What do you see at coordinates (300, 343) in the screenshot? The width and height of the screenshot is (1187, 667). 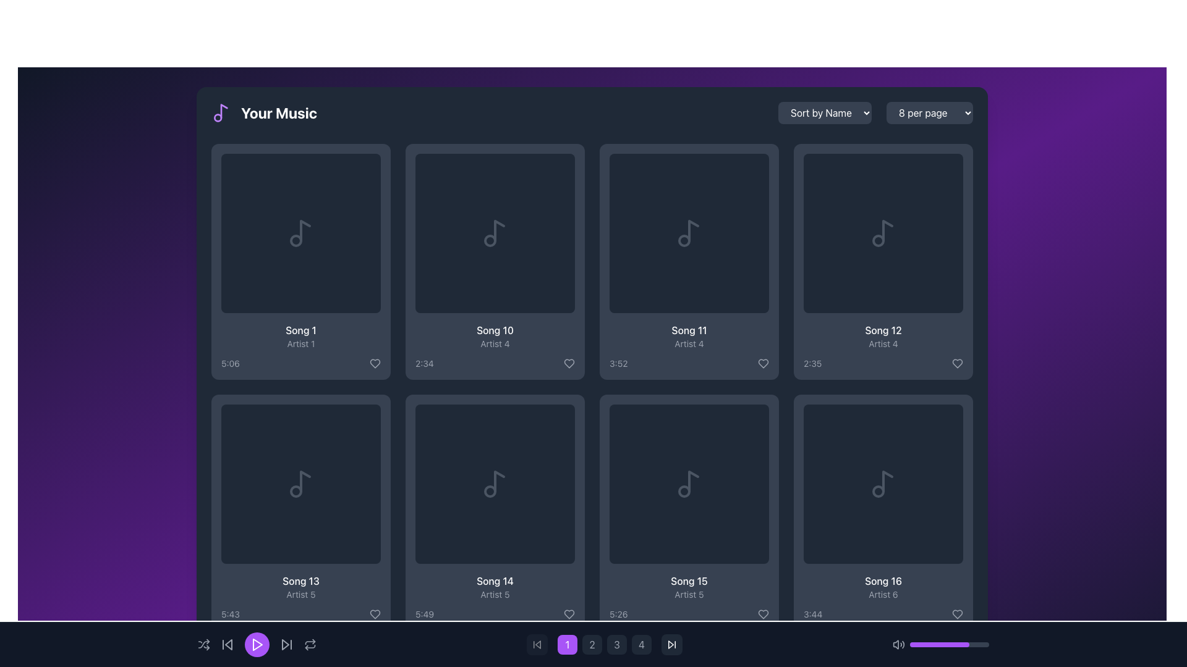 I see `the text label that displays the name of the artist associated with the displayed song, located beneath 'Song 1' and above the time label '5:06'` at bounding box center [300, 343].